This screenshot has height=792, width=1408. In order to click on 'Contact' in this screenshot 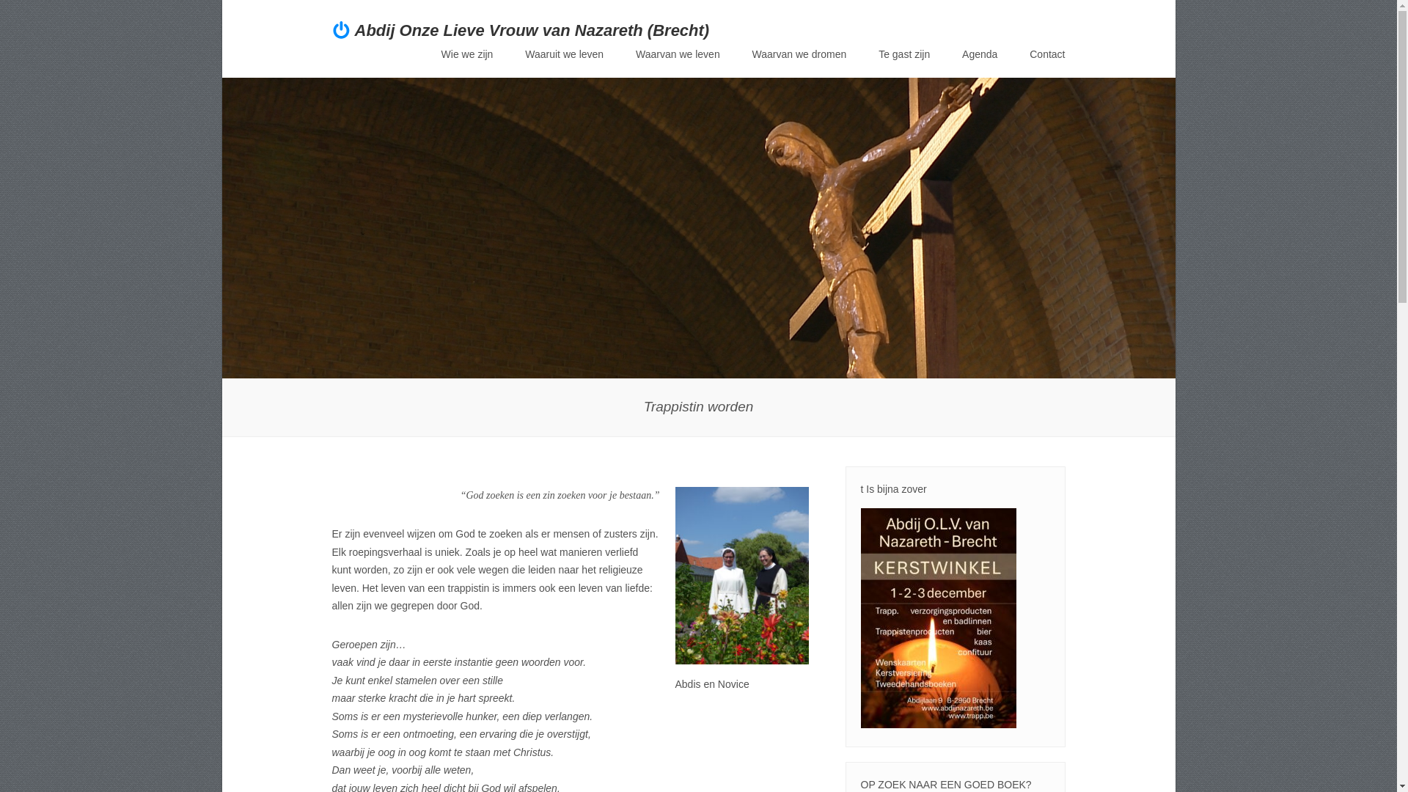, I will do `click(1046, 53)`.